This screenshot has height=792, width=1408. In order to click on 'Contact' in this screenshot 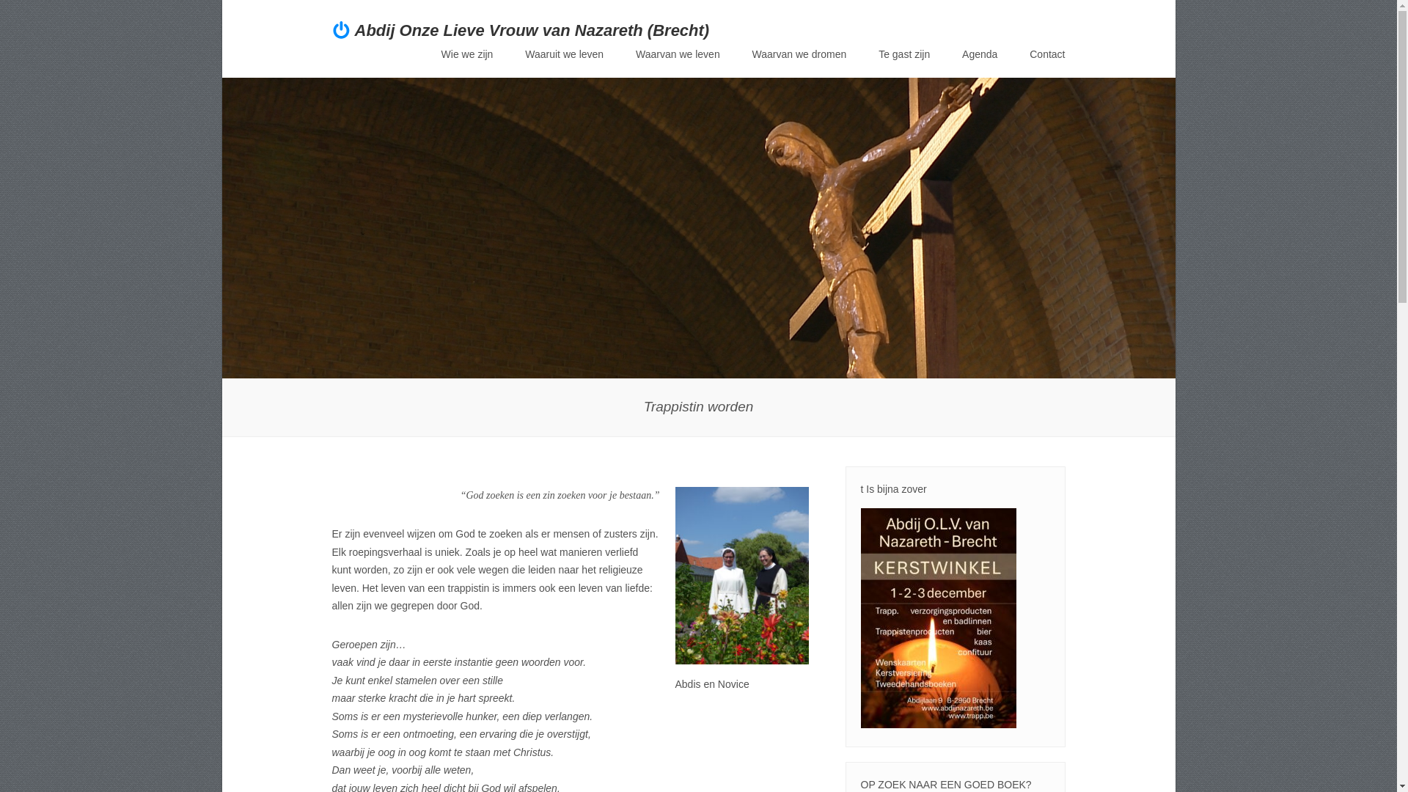, I will do `click(1046, 53)`.